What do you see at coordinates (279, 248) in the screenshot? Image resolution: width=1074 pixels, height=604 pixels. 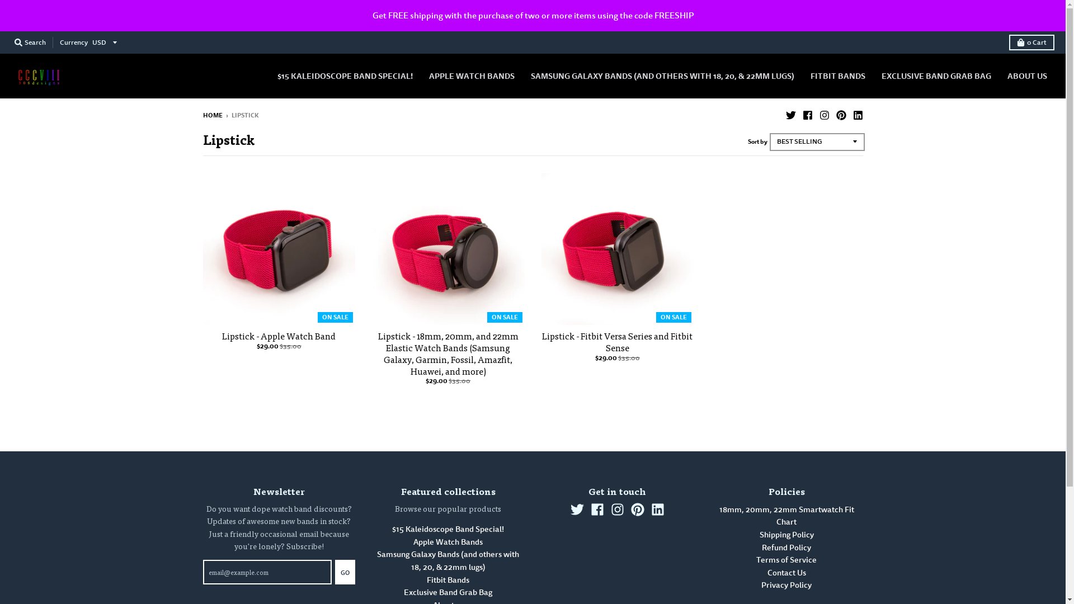 I see `'ON SALE'` at bounding box center [279, 248].